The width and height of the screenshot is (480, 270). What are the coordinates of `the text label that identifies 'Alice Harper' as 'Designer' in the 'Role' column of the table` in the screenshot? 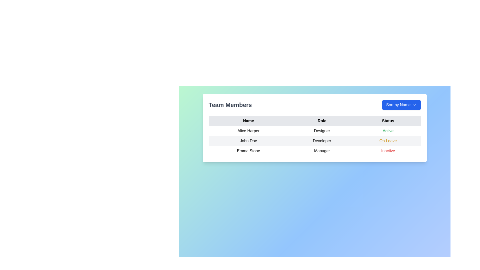 It's located at (322, 131).